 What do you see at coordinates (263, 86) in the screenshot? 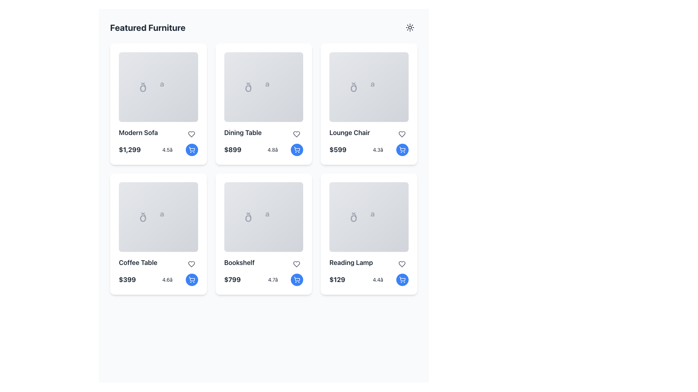
I see `the graphical representation of the item 'Dining Table' within its card labeled 'Dining Table $899 4.8★' located in the second column of the first row in the grid layout` at bounding box center [263, 86].